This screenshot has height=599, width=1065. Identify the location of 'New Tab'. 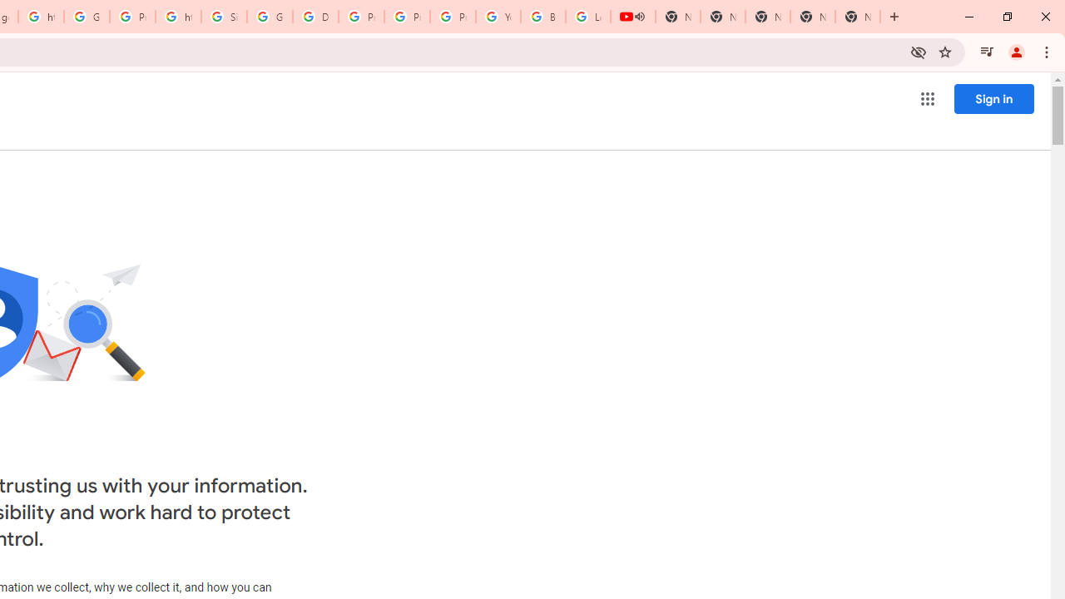
(858, 17).